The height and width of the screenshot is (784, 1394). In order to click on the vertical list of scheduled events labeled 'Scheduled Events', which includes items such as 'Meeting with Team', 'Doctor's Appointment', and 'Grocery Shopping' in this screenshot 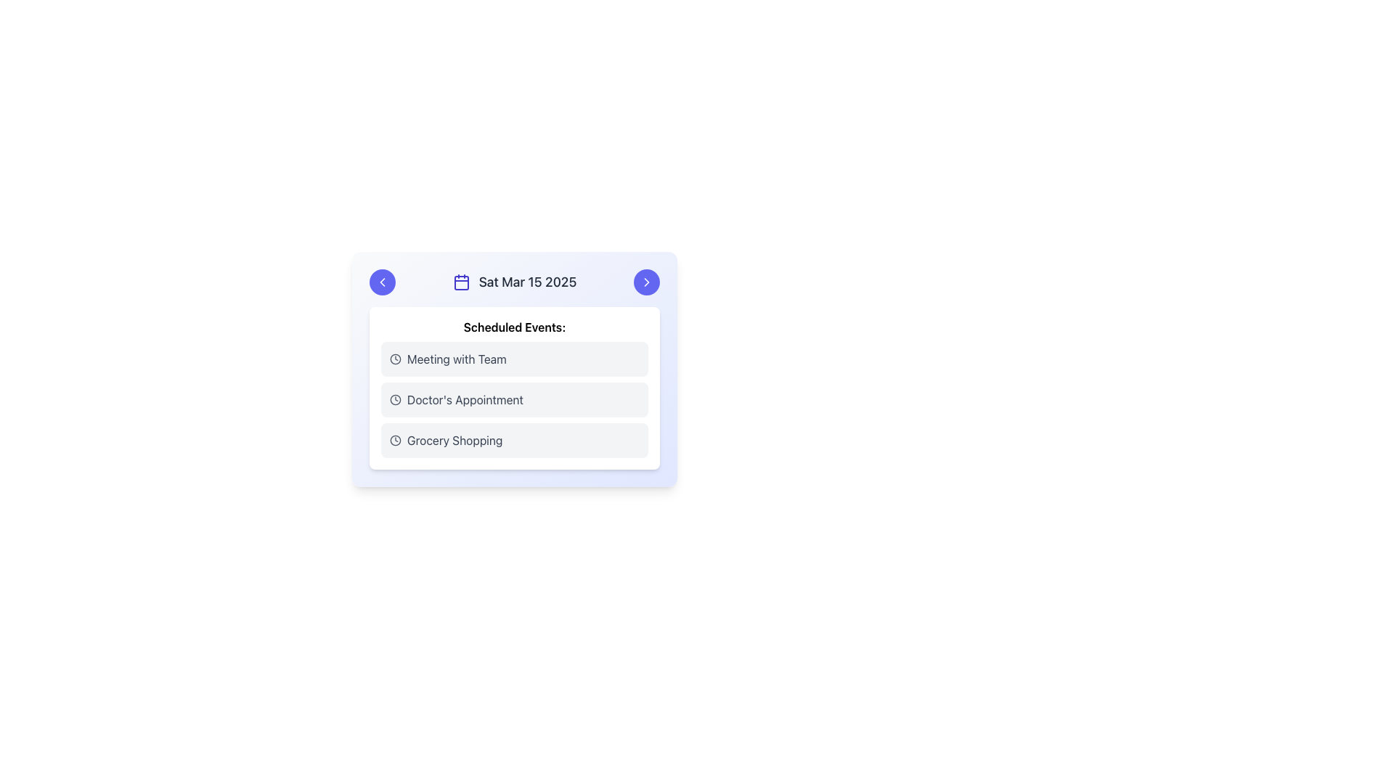, I will do `click(515, 400)`.